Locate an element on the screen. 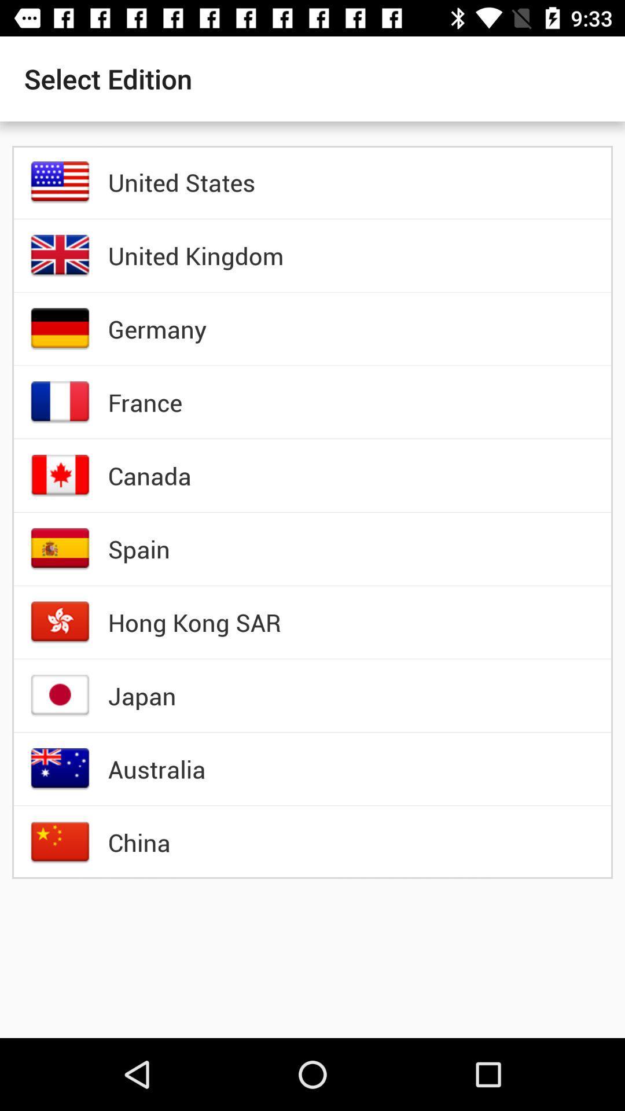 The image size is (625, 1111). item below the japan is located at coordinates (157, 769).